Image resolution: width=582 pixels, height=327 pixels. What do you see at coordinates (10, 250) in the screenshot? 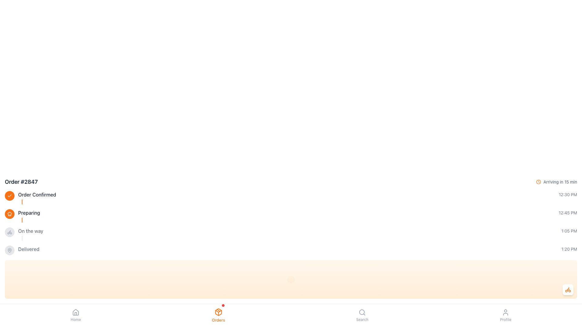
I see `the small circular icon with a light gray background and a map pin graphic, located to the left of the 'Delivered' text at the bottom of the order's status progression steps` at bounding box center [10, 250].